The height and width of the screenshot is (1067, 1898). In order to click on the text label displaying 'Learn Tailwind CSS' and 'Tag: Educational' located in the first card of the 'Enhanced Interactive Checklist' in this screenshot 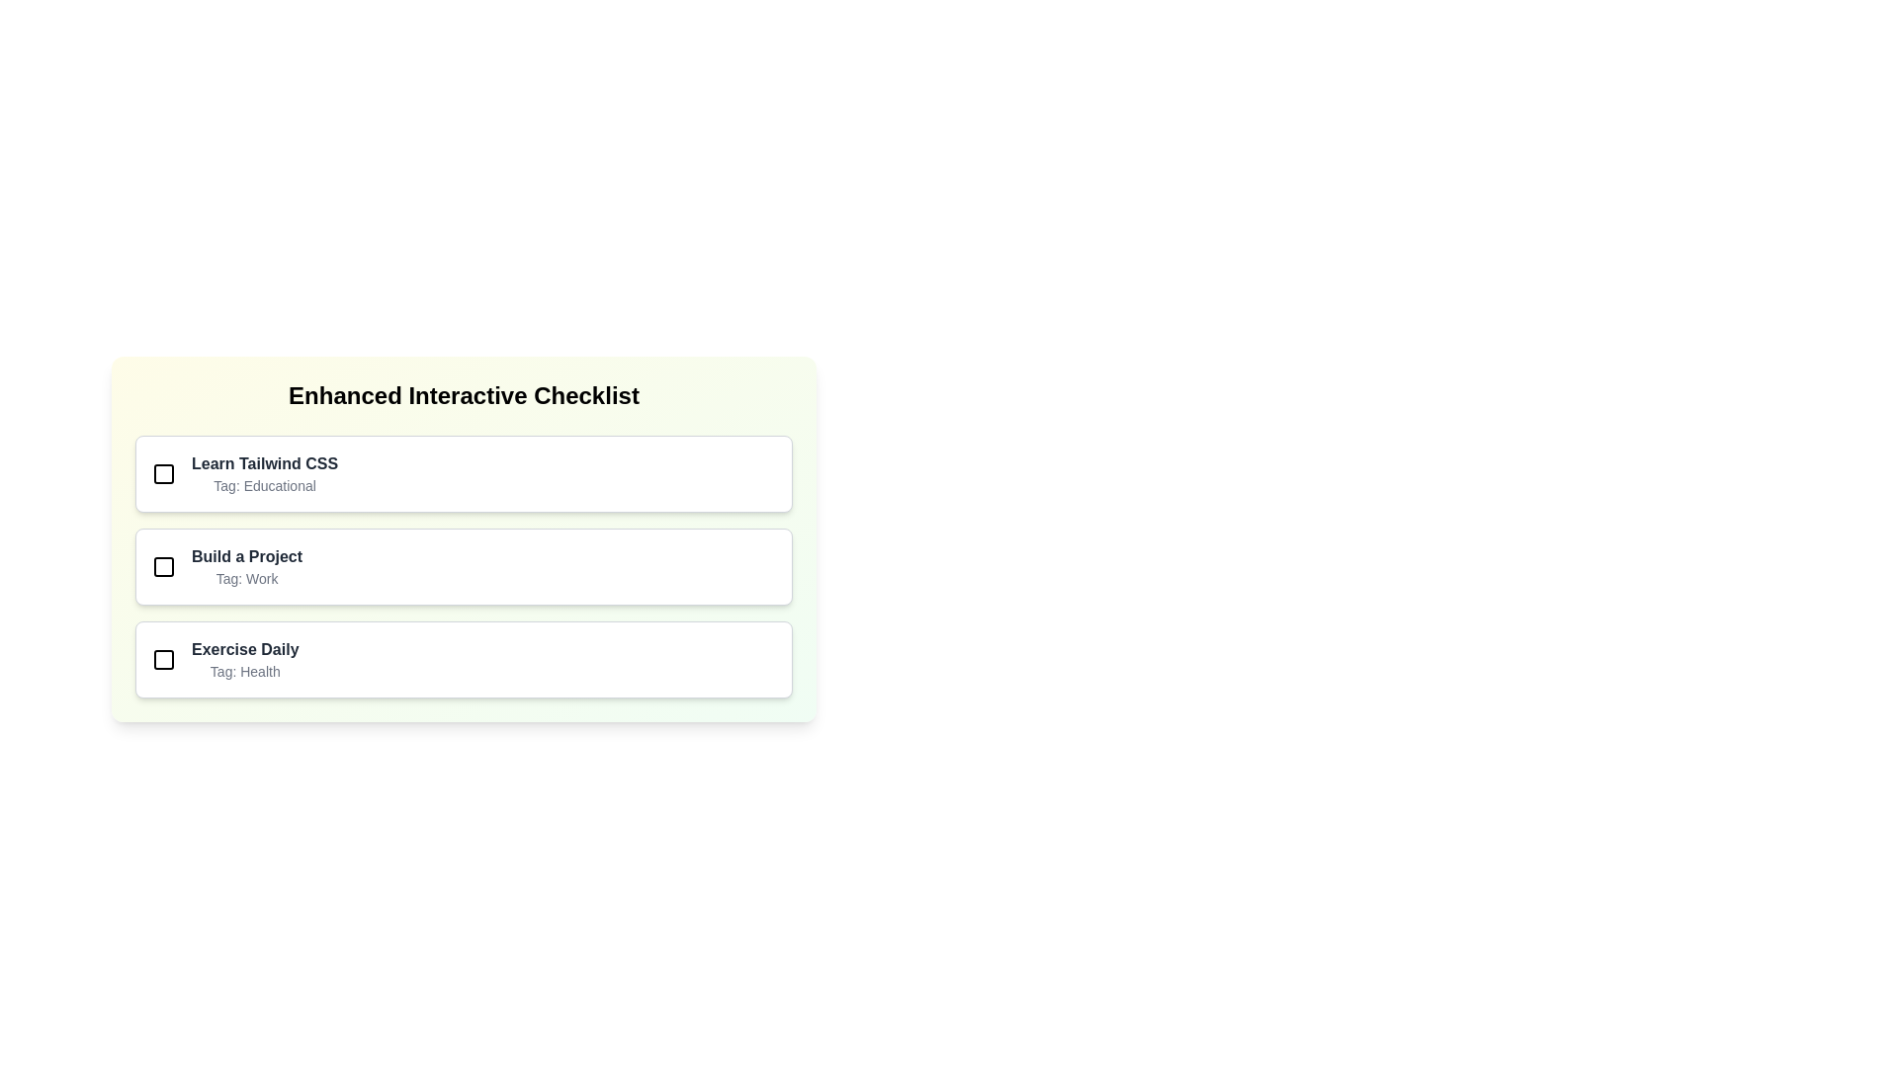, I will do `click(264, 473)`.